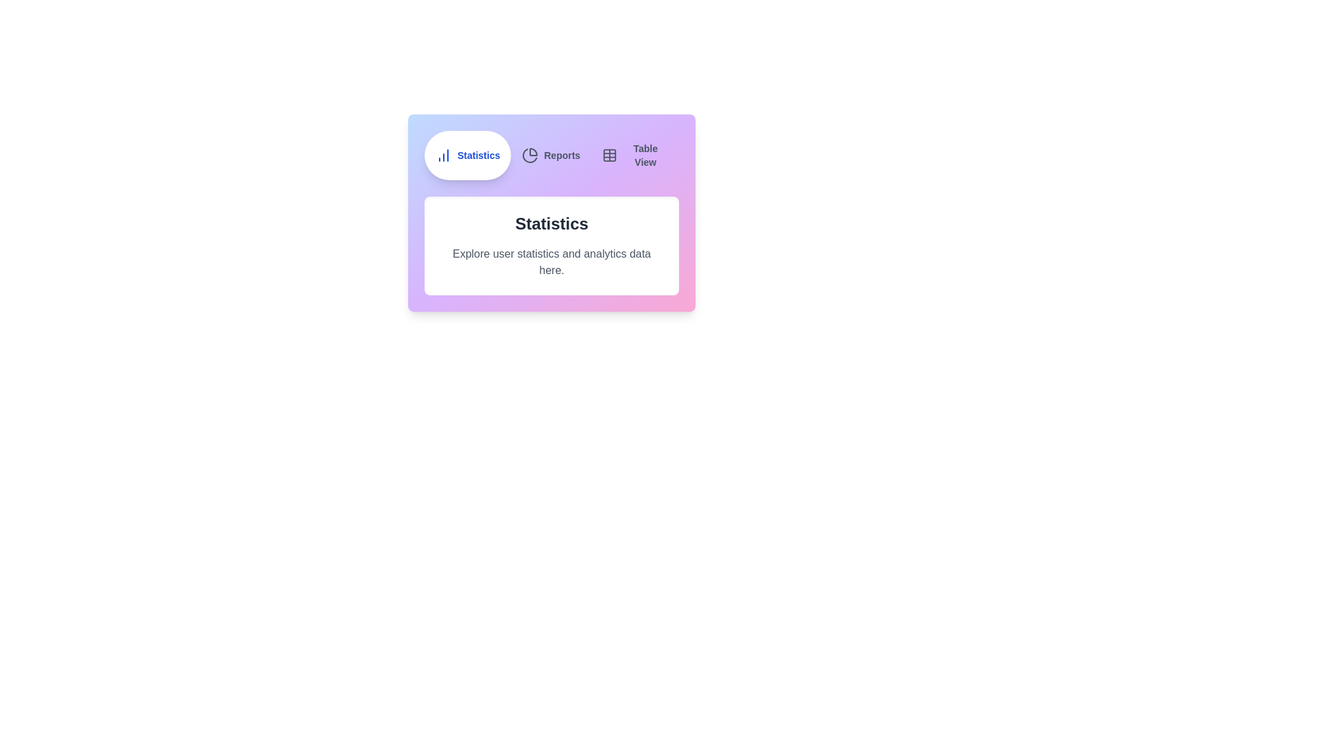  I want to click on the icon of the tab labeled Statistics, so click(444, 155).